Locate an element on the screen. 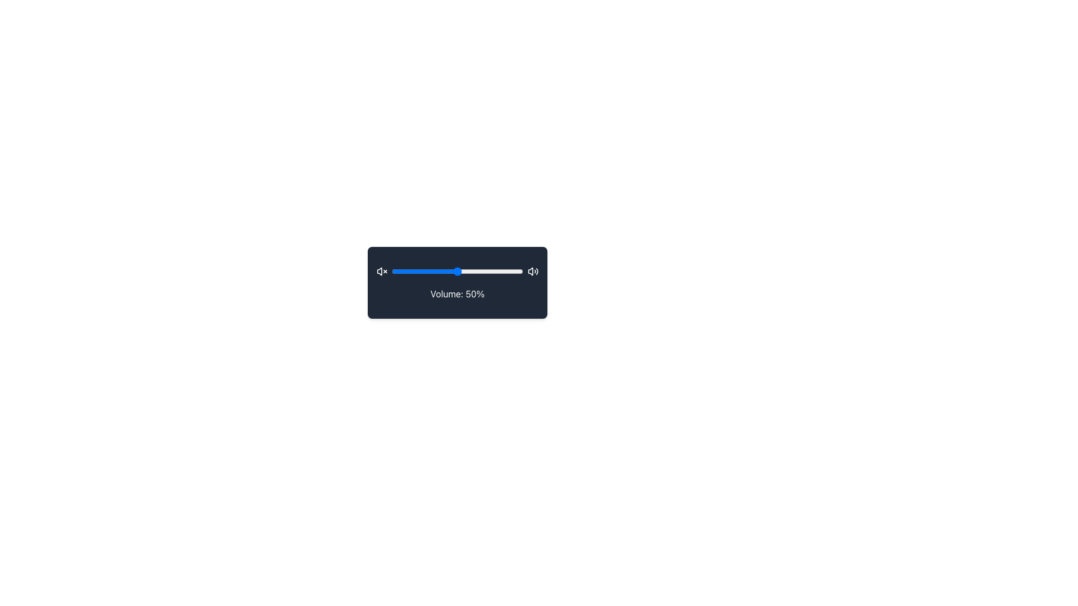 The image size is (1078, 606). the volume level is located at coordinates (472, 271).